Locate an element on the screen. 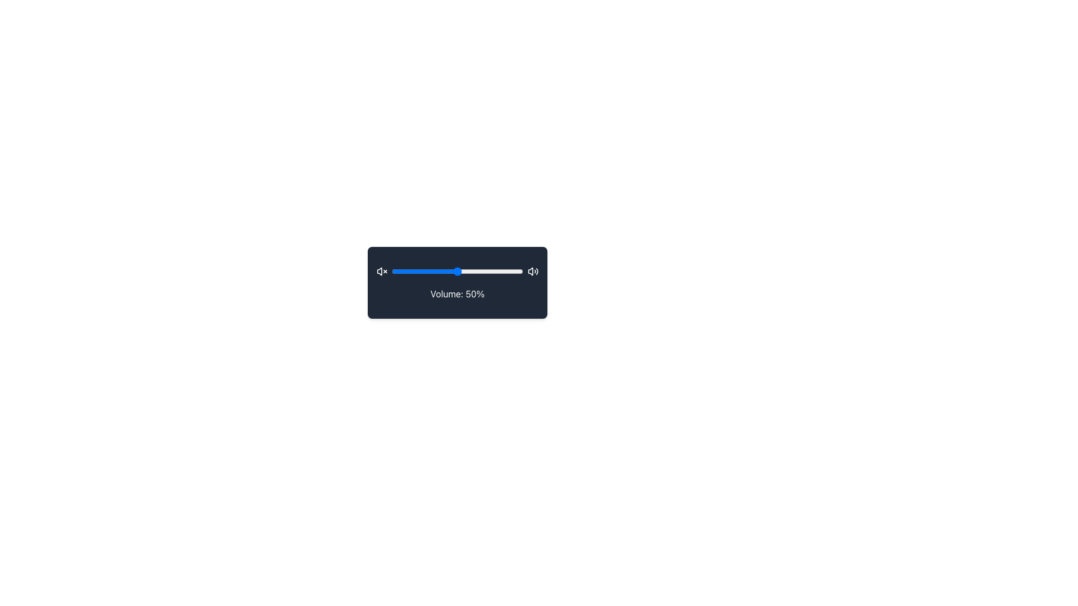 The image size is (1078, 606). the volume level is located at coordinates (472, 271).